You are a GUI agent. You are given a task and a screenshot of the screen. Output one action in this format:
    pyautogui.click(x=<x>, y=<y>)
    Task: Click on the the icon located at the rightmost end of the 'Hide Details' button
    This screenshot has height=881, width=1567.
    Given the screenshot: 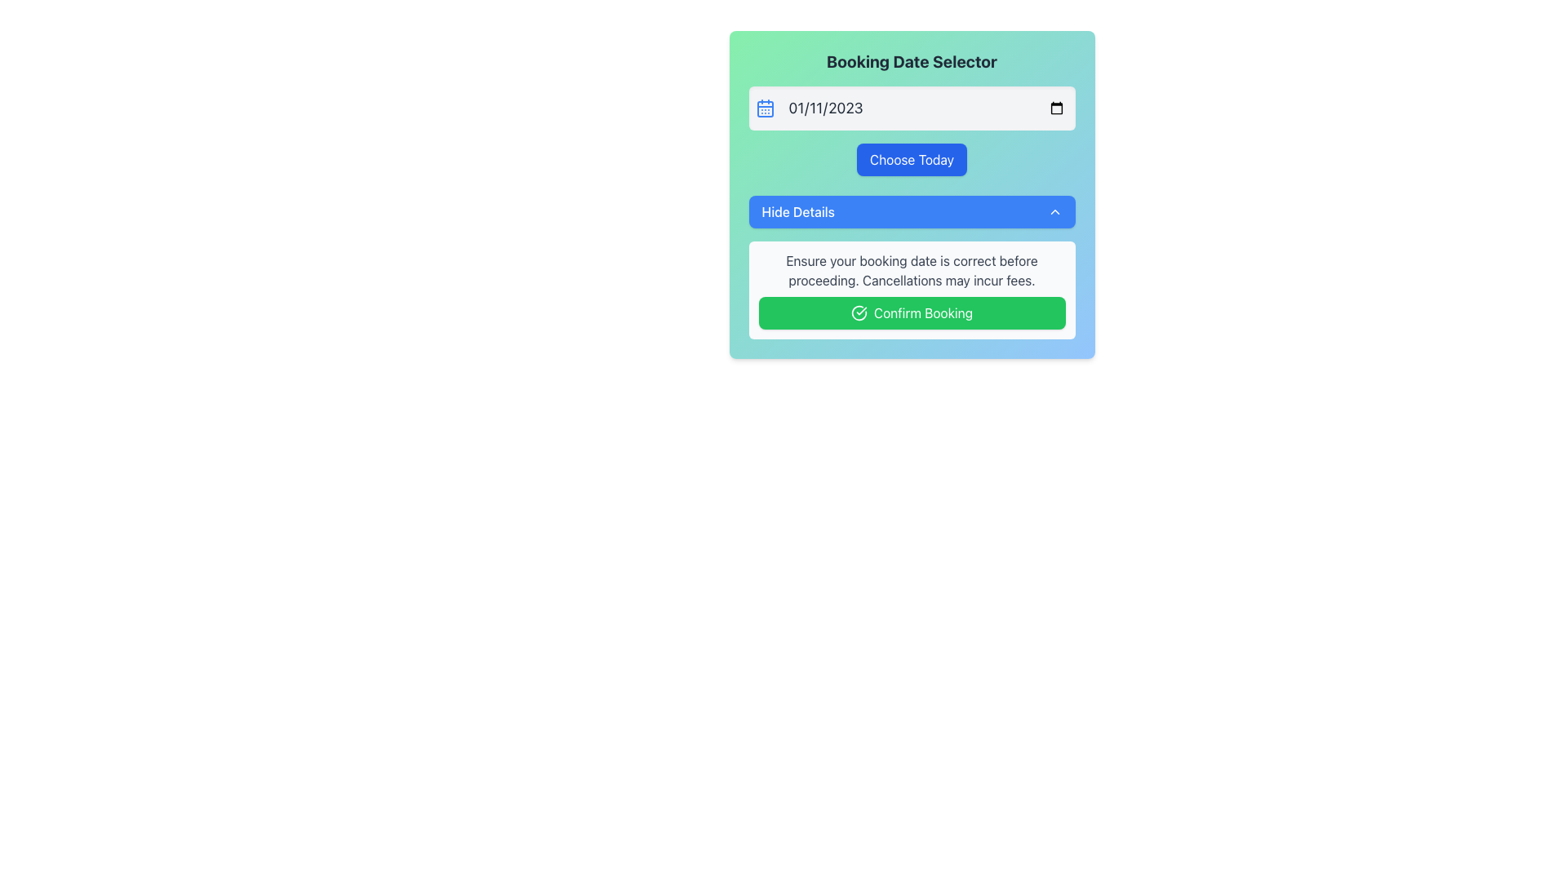 What is the action you would take?
    pyautogui.click(x=1054, y=210)
    